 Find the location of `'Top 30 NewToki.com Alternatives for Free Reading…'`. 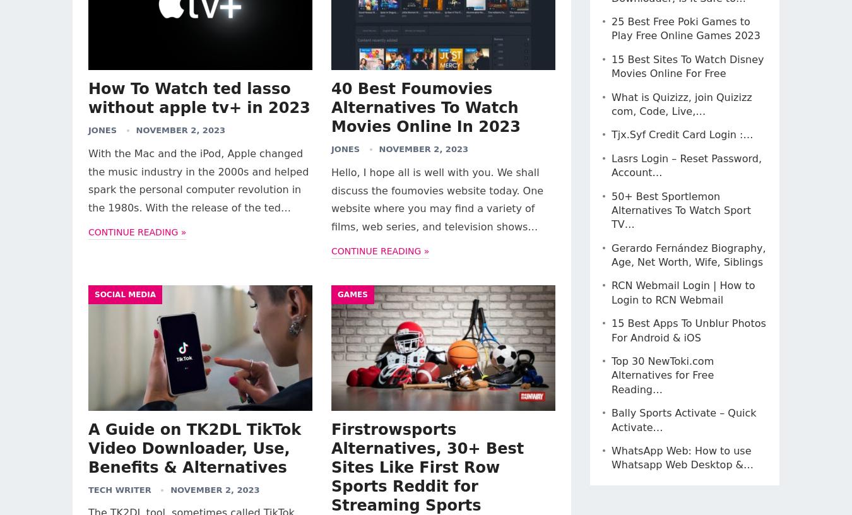

'Top 30 NewToki.com Alternatives for Free Reading…' is located at coordinates (663, 375).